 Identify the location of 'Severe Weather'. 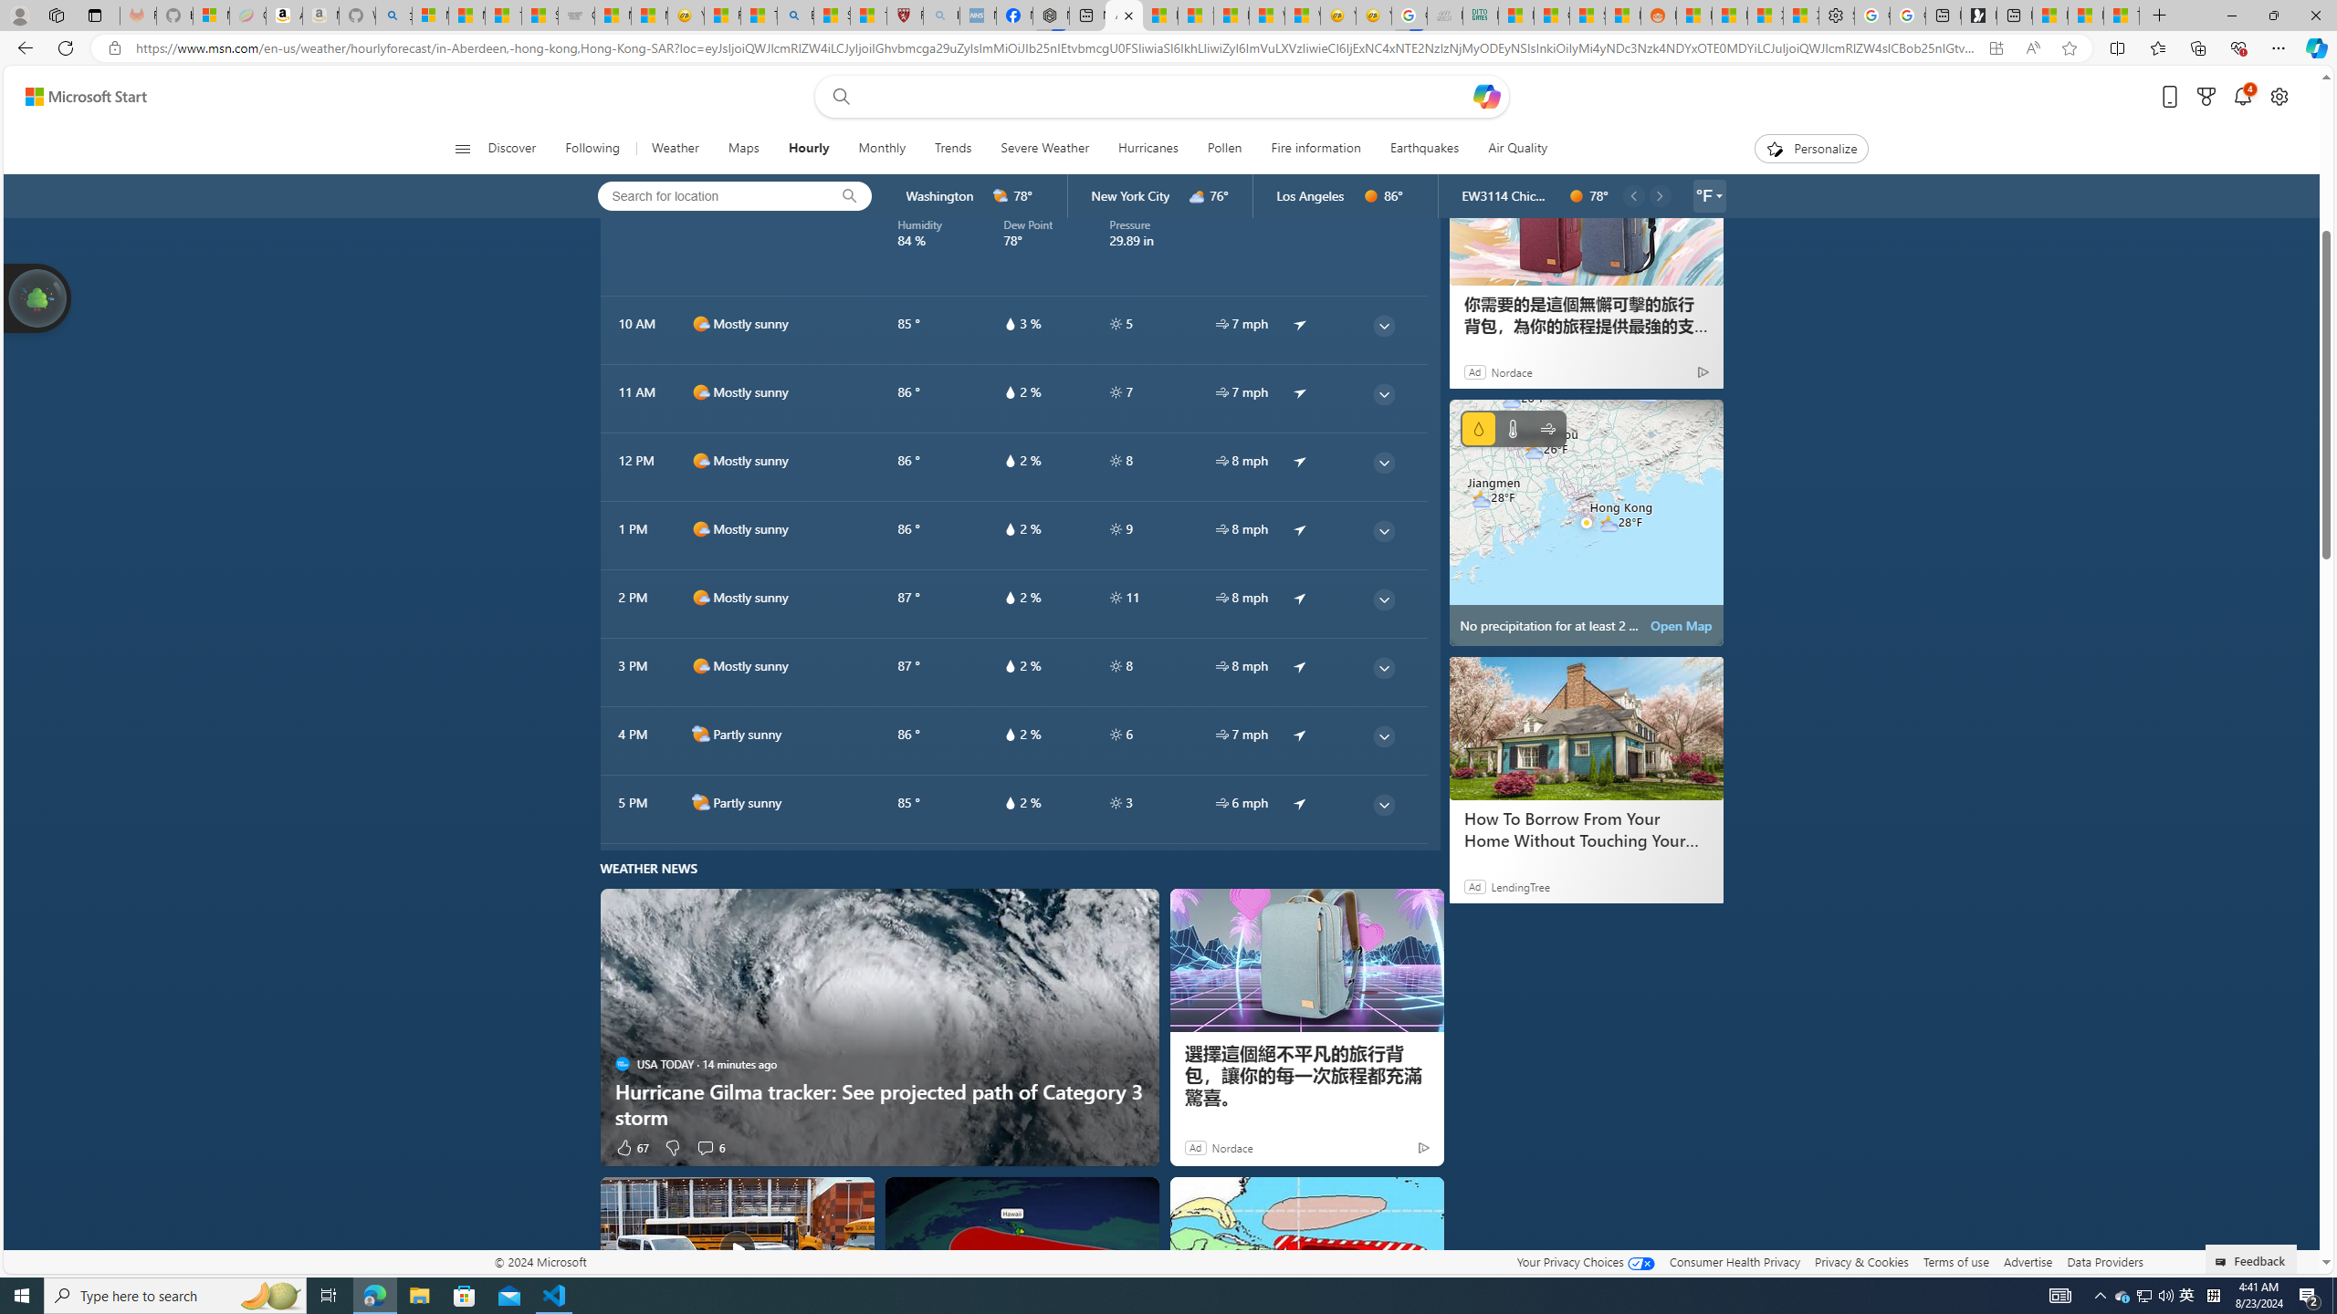
(1045, 148).